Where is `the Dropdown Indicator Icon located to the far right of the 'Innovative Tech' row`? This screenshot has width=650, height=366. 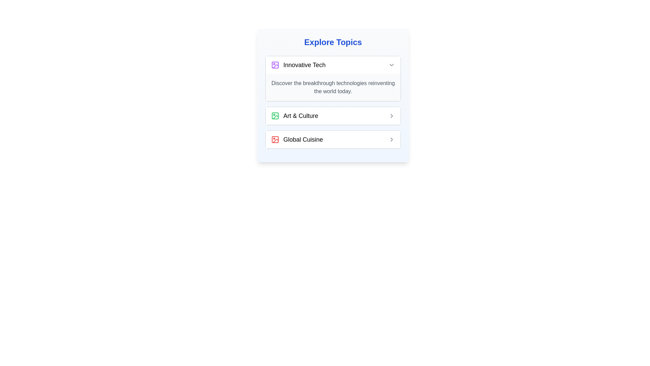
the Dropdown Indicator Icon located to the far right of the 'Innovative Tech' row is located at coordinates (391, 65).